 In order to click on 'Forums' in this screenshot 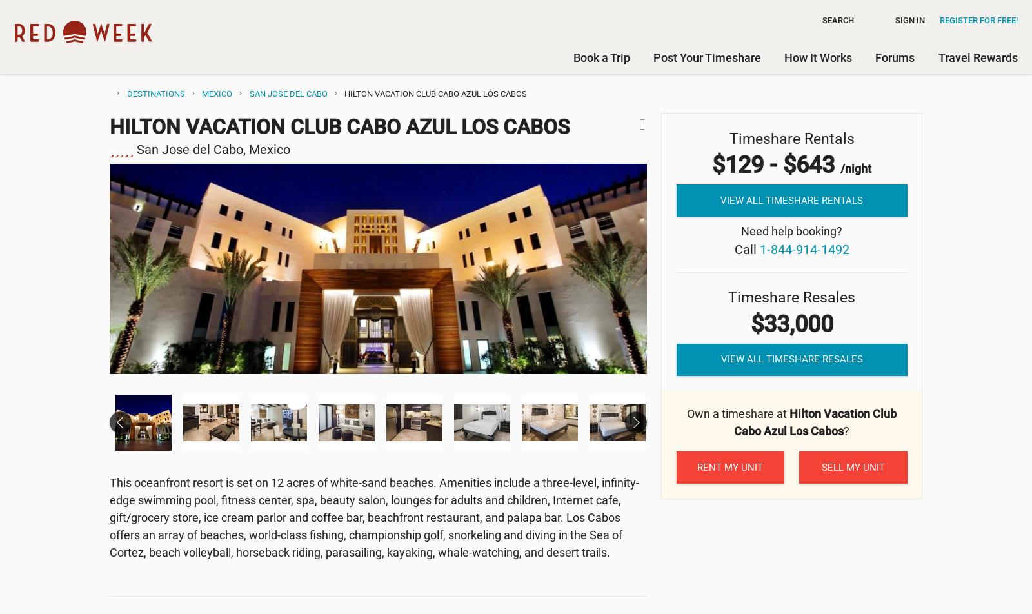, I will do `click(894, 57)`.